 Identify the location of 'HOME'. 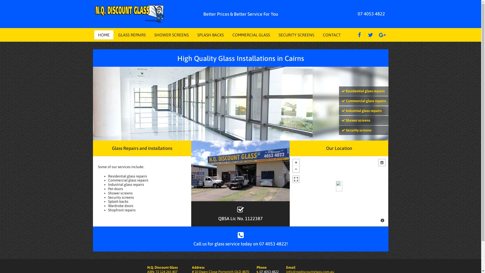
(98, 35).